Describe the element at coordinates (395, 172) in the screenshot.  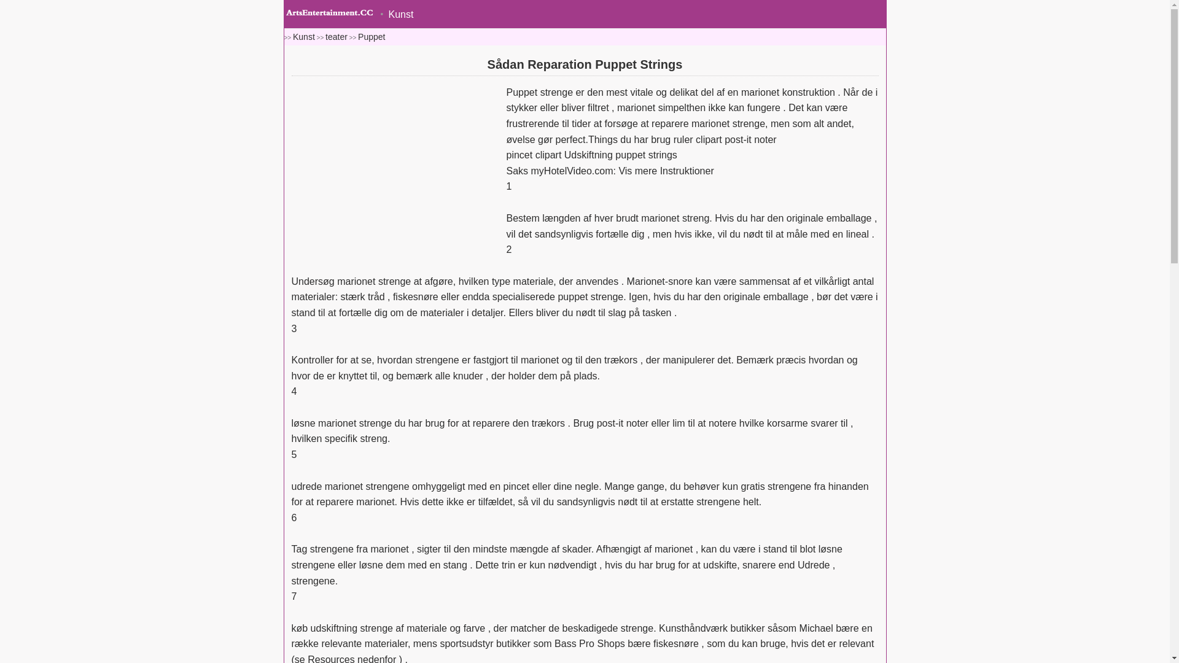
I see `'Advertisement'` at that location.